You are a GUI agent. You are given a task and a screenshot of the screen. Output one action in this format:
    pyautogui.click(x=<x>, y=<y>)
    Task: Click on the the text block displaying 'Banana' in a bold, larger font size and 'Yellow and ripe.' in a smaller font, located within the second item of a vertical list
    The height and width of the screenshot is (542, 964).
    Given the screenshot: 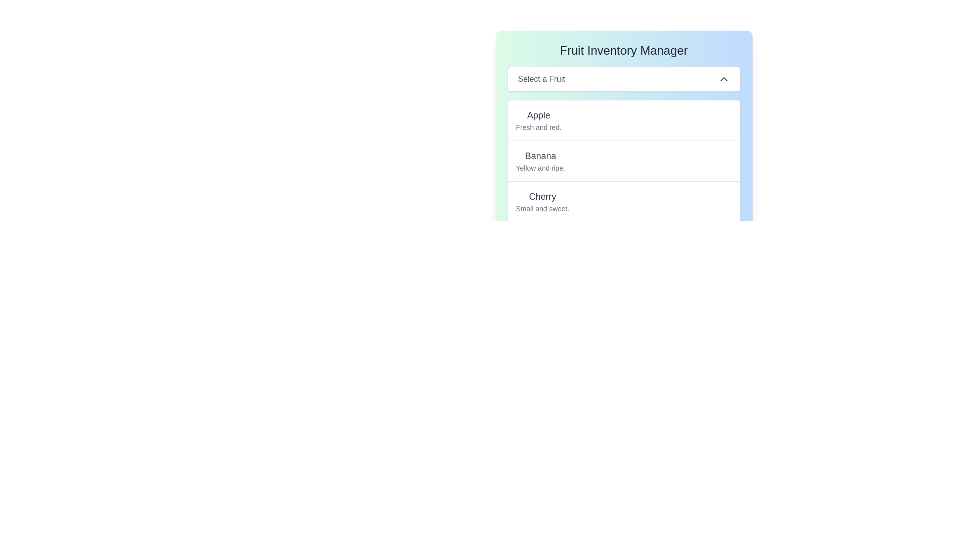 What is the action you would take?
    pyautogui.click(x=540, y=160)
    